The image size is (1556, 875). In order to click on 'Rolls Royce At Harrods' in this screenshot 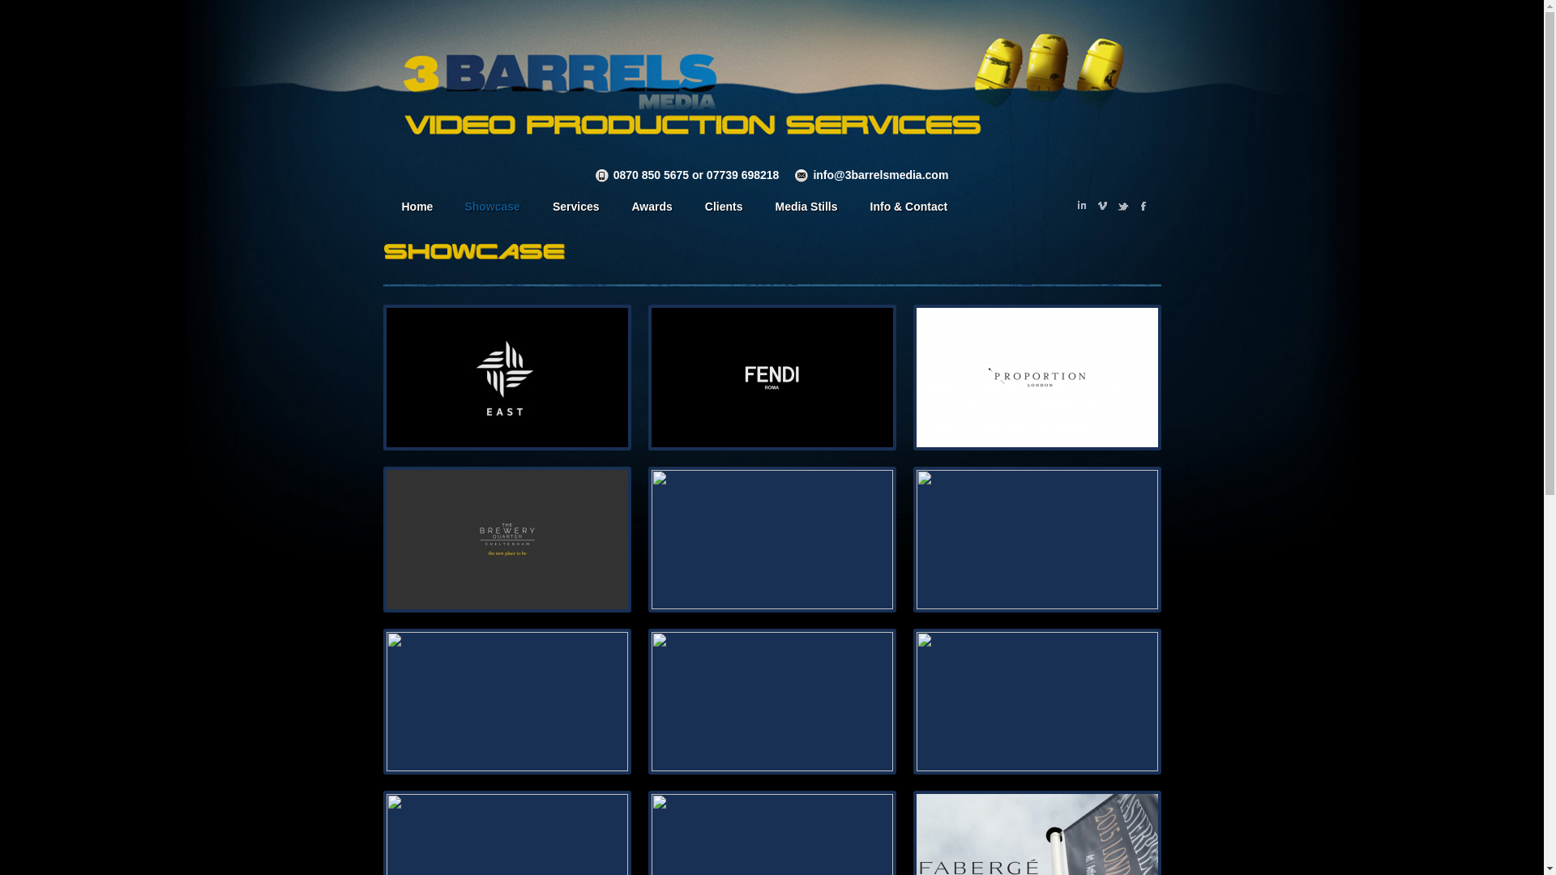, I will do `click(652, 540)`.